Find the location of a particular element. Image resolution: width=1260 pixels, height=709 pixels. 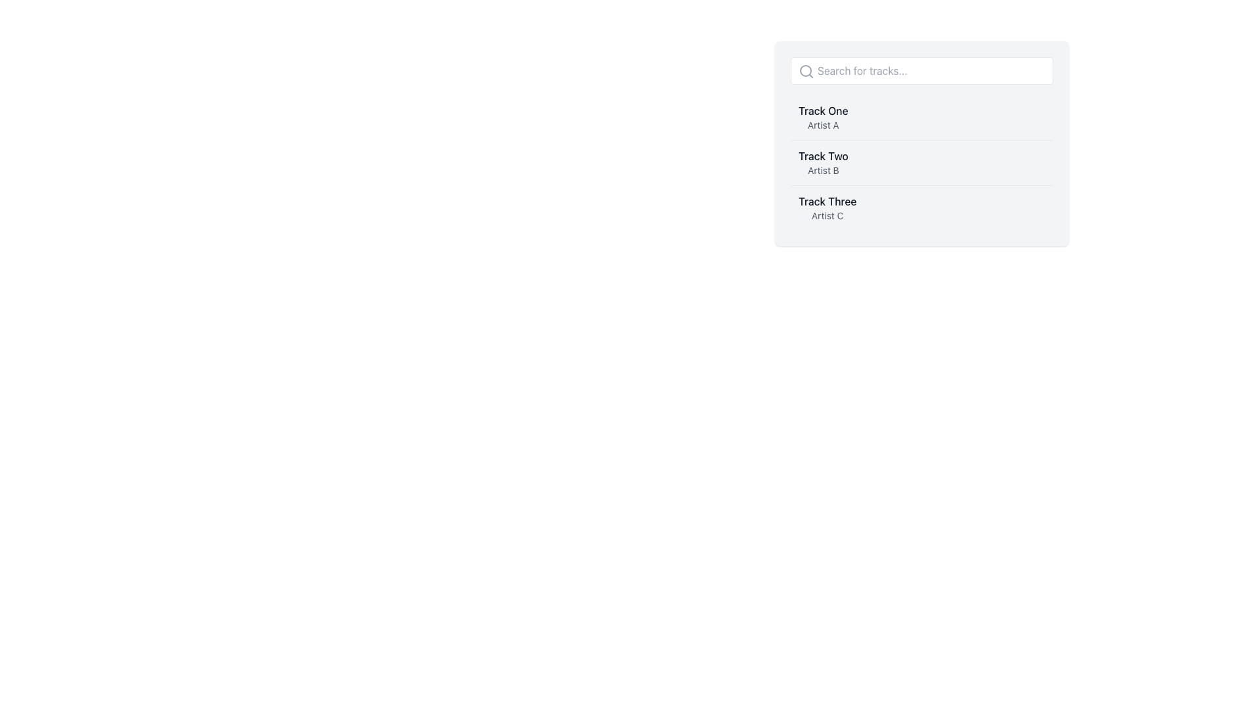

the first list item labeled 'Track One' by 'Artist A', which features a light background and a hover effect is located at coordinates (921, 116).